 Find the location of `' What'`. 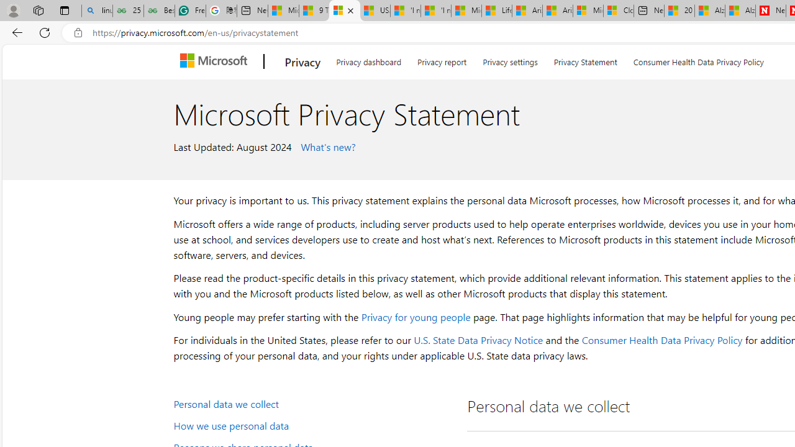

' What' is located at coordinates (327, 145).